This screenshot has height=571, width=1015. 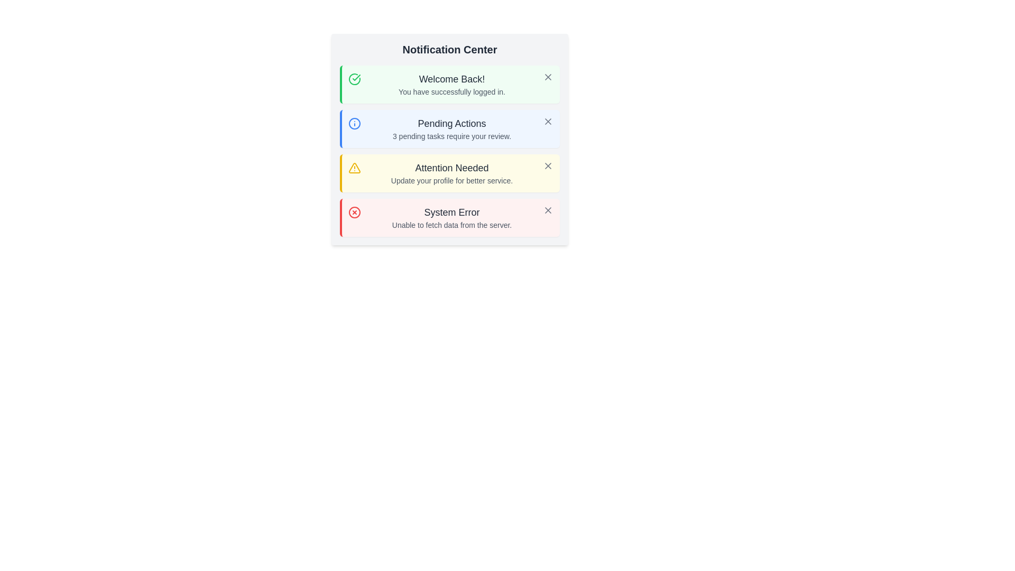 What do you see at coordinates (355, 212) in the screenshot?
I see `the circular red icon with a white background and a red 'X' cross inside, located in the bottom-left corner of the 'System Error' notification block` at bounding box center [355, 212].